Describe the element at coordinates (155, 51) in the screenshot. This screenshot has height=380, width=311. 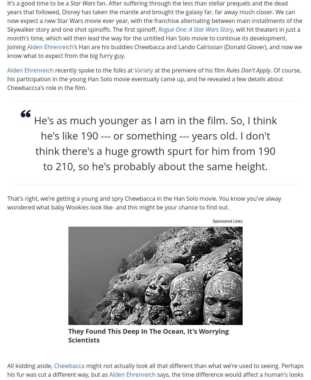
I see `''s Han are his buddies Chewbacca and Lando Calrissian (Donald Glover), and now we know what to expect from the big furry guy.'` at that location.